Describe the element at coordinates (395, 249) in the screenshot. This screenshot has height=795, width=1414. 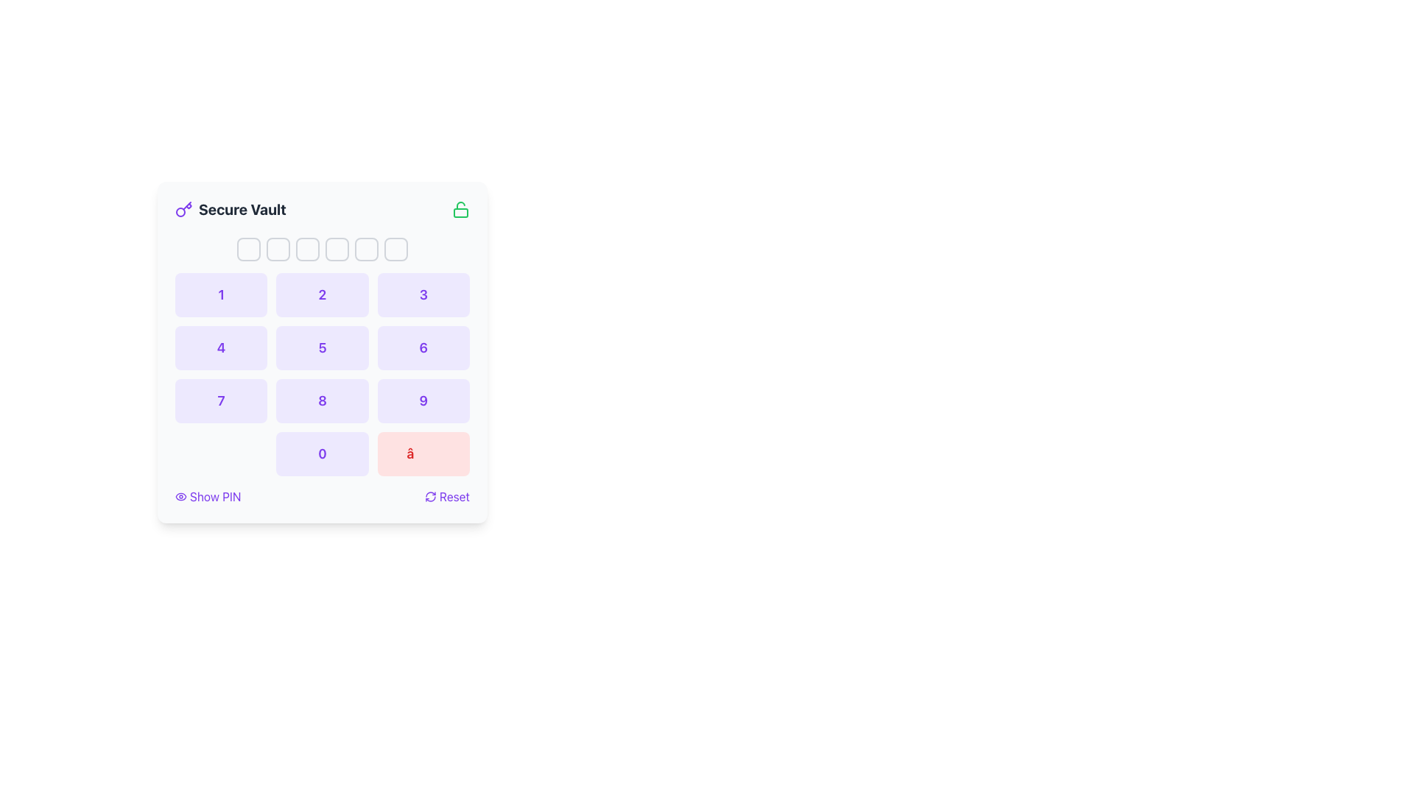
I see `the sixth square in the horizontal row of six squares located in the top section of the 'Secure Vault' interface, which serves as a placeholder for entering a multi-digit code or PIN` at that location.